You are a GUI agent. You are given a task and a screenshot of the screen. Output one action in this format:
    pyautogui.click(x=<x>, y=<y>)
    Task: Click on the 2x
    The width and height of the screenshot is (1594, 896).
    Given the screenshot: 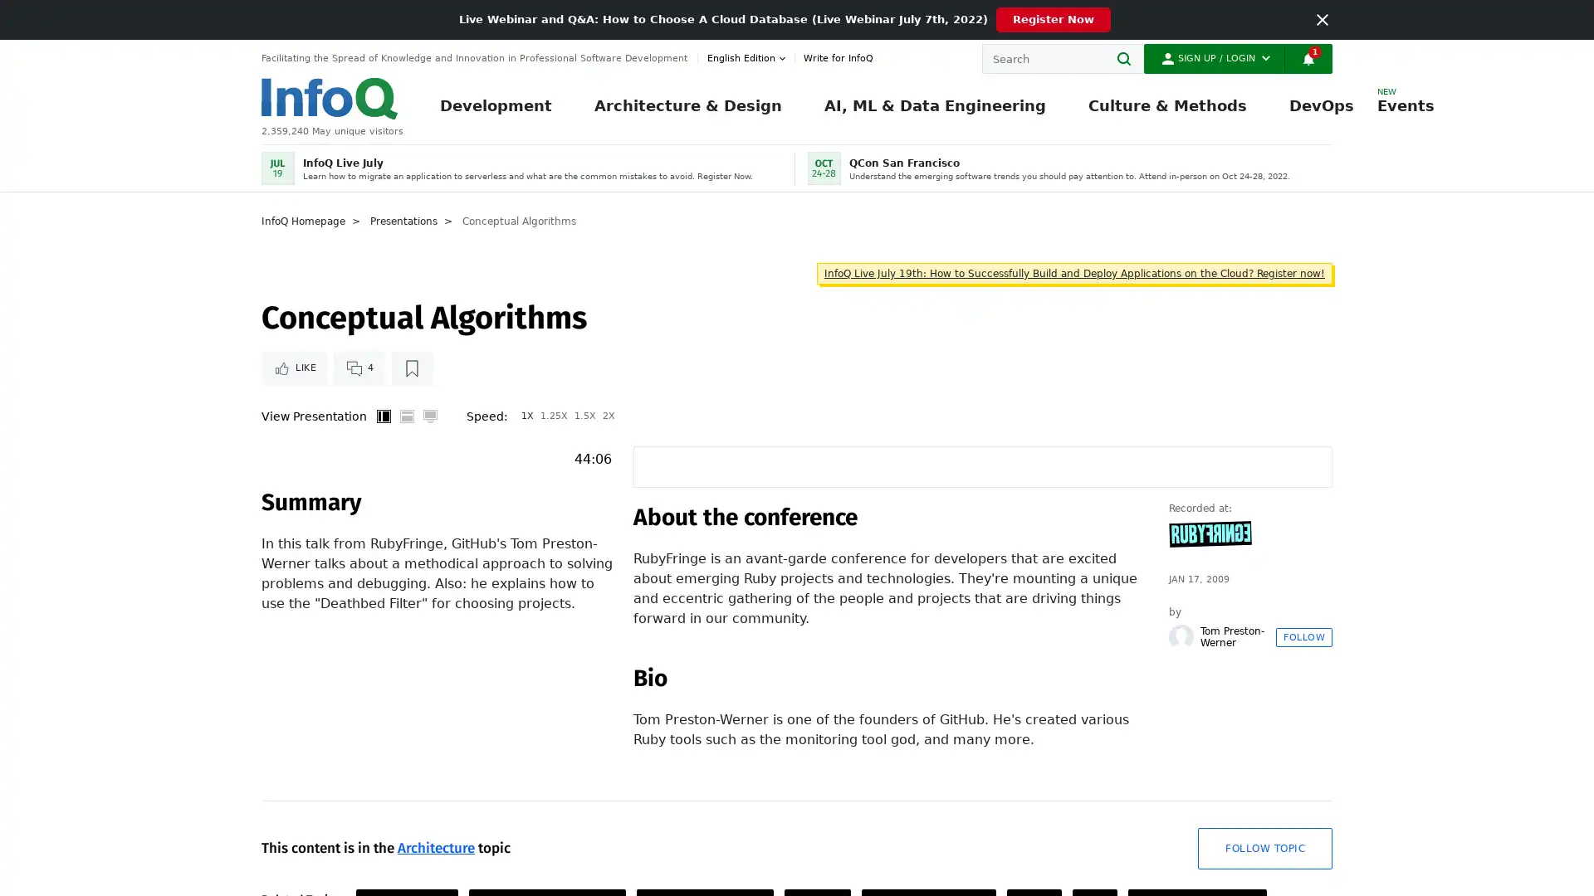 What is the action you would take?
    pyautogui.click(x=608, y=475)
    